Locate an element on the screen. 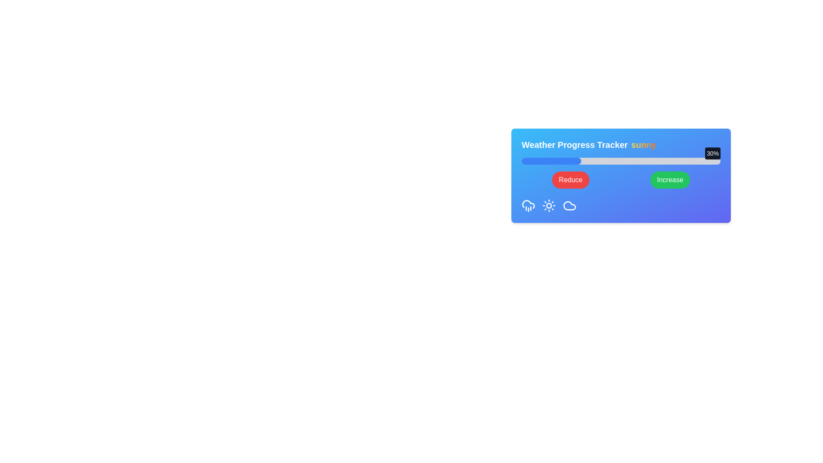 The image size is (823, 463). the leftmost button in the horizontally-aligned group of buttons is located at coordinates (571, 180).